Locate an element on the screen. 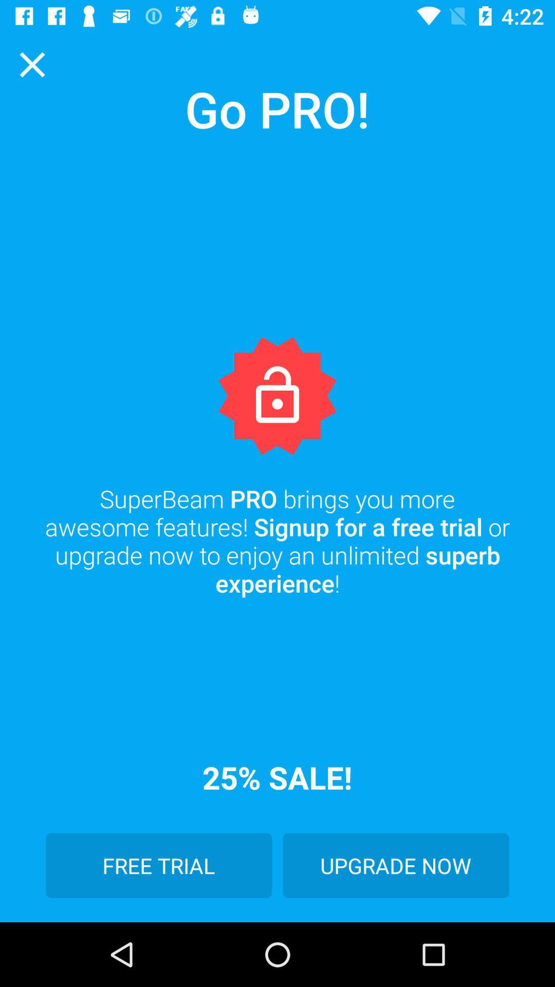  icon at the top left corner is located at coordinates (31, 64).